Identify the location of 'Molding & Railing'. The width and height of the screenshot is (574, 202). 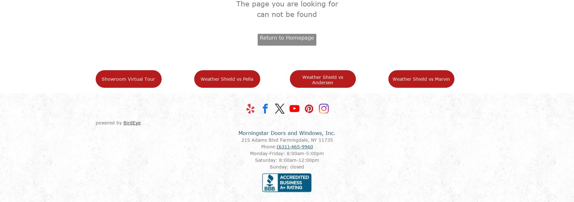
(218, 129).